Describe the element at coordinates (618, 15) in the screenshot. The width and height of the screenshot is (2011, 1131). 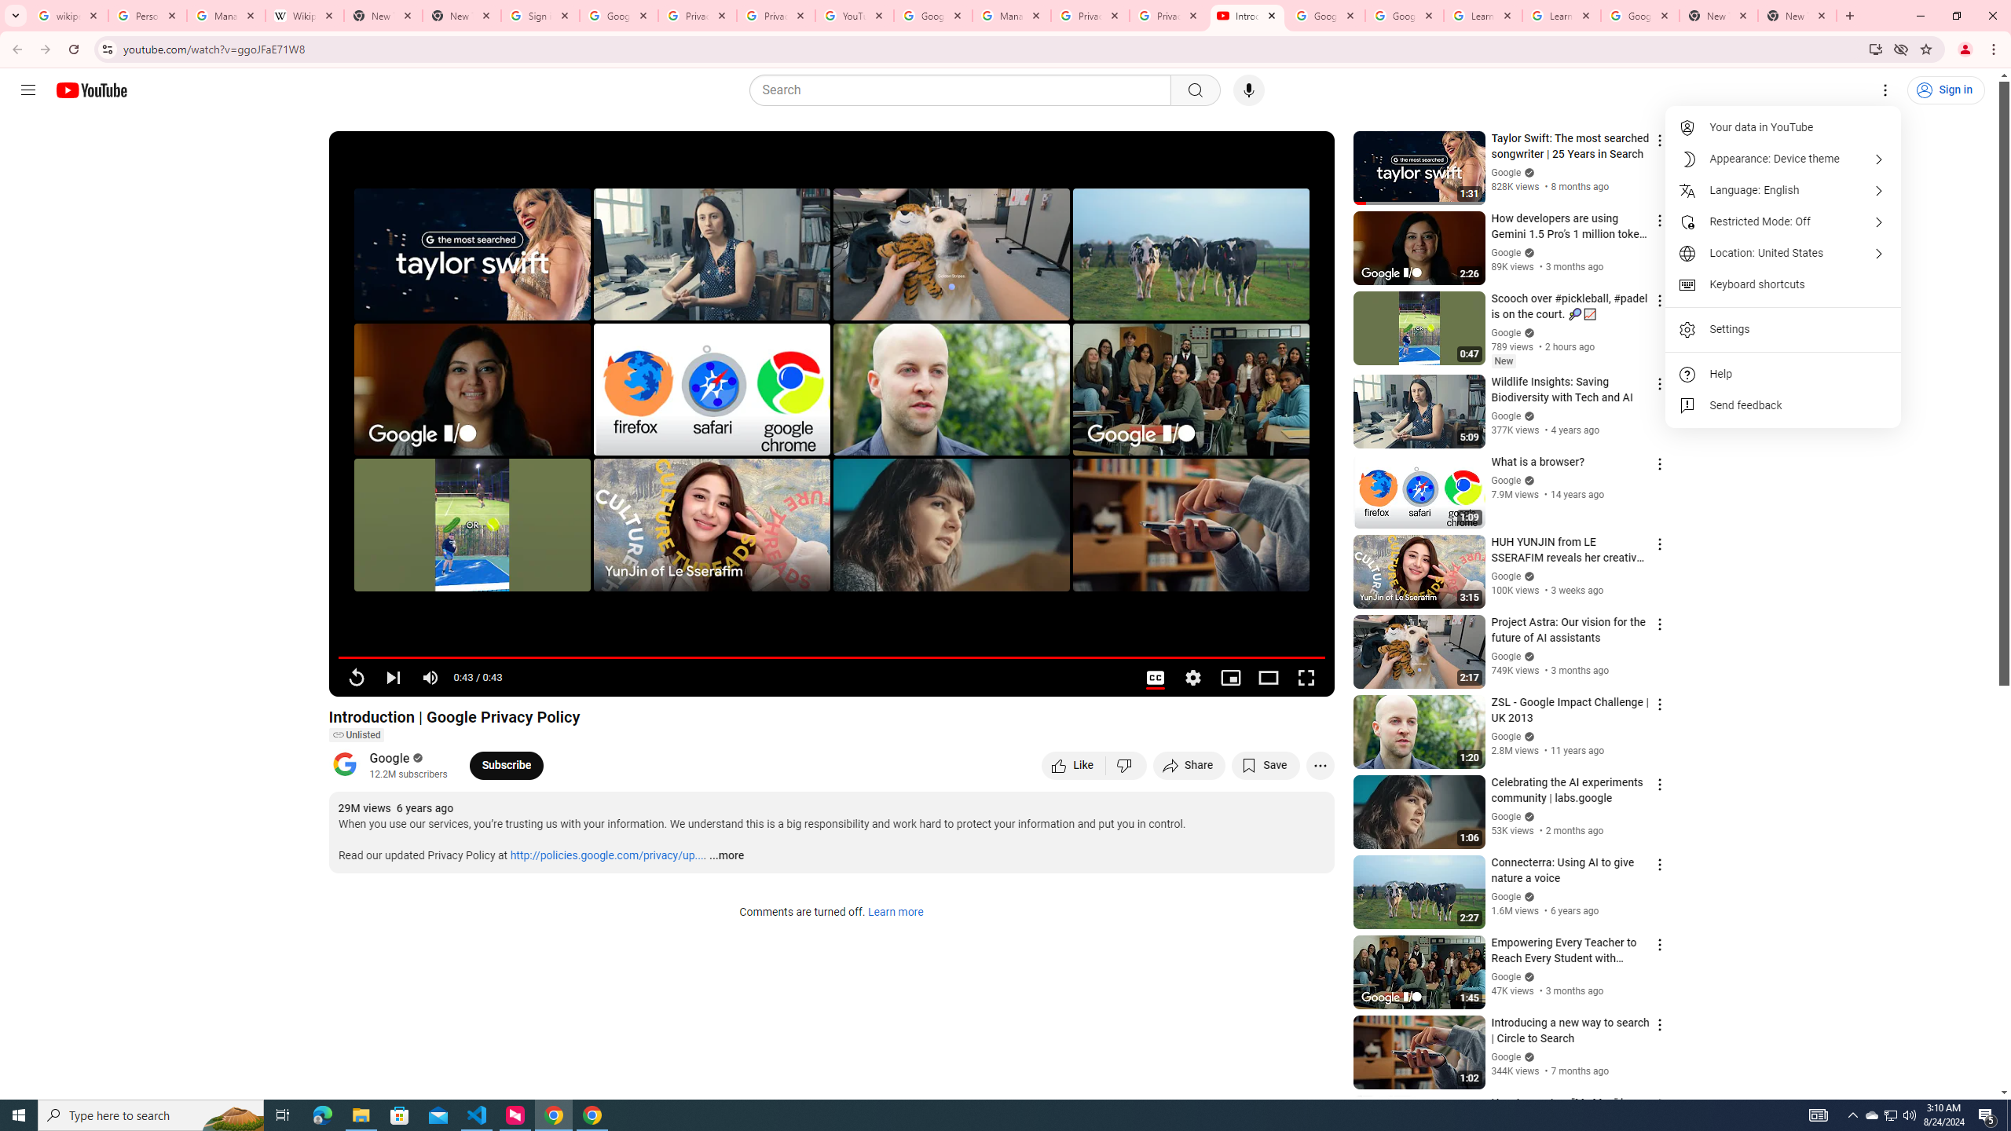
I see `'Google Drive: Sign-in'` at that location.